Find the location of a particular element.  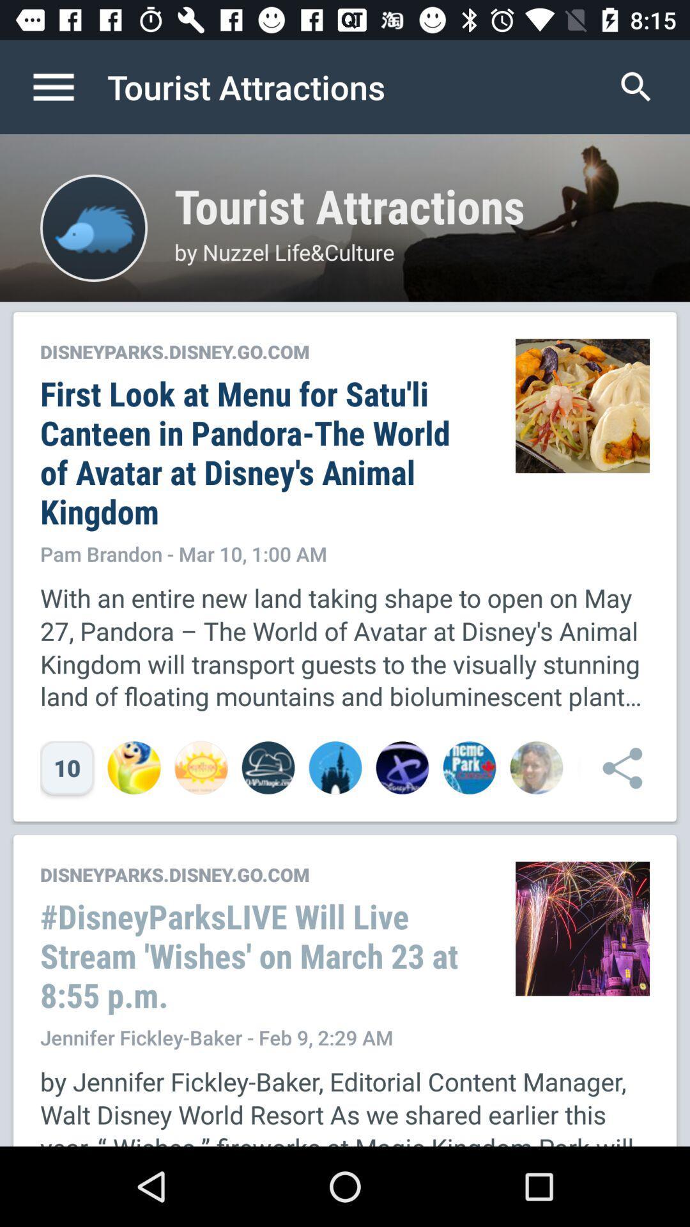

menu button is located at coordinates (66, 86).